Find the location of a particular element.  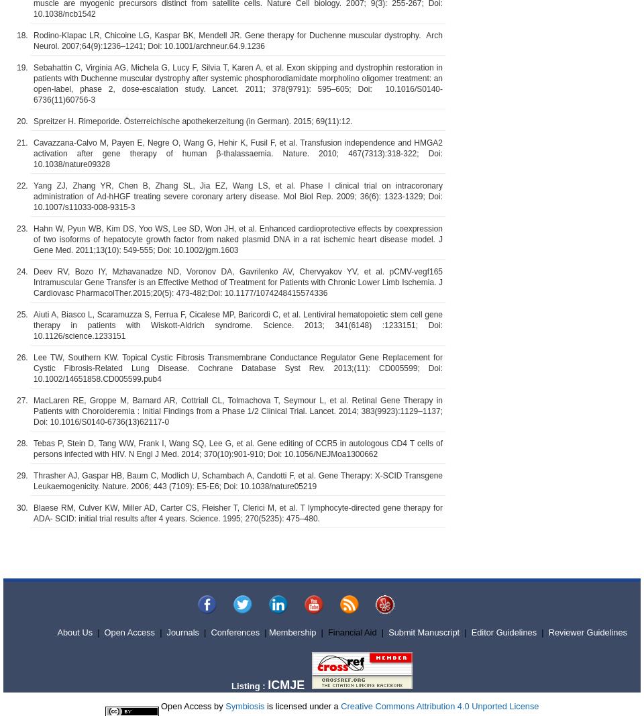

'Deev RV, Bozo  IY, Mzhavanadze ND, Voronov DA, Gavrilenko AV, Chervyakov  YV, et al. pCMV-vegf165 Intramuscular Gene Transfer is an Effective Method of Treatment  for Patients with Chronic Lower Limb Ischemia. J Cardiovasc PharmacolTher.2015;20(5):  473-482;Doi: 10.1177/1074248415574336' is located at coordinates (238, 282).